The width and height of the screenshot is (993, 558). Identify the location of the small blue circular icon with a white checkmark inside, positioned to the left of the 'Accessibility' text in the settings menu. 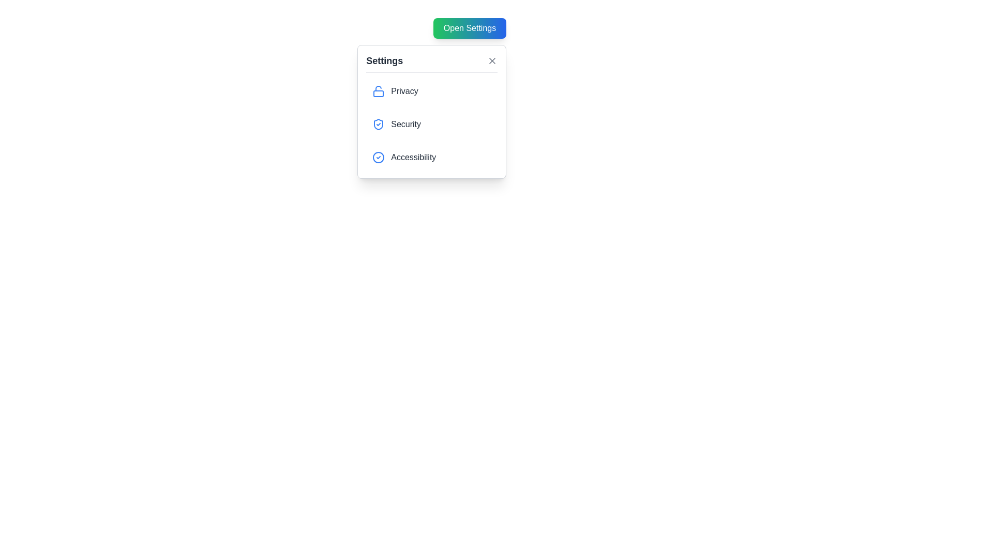
(378, 157).